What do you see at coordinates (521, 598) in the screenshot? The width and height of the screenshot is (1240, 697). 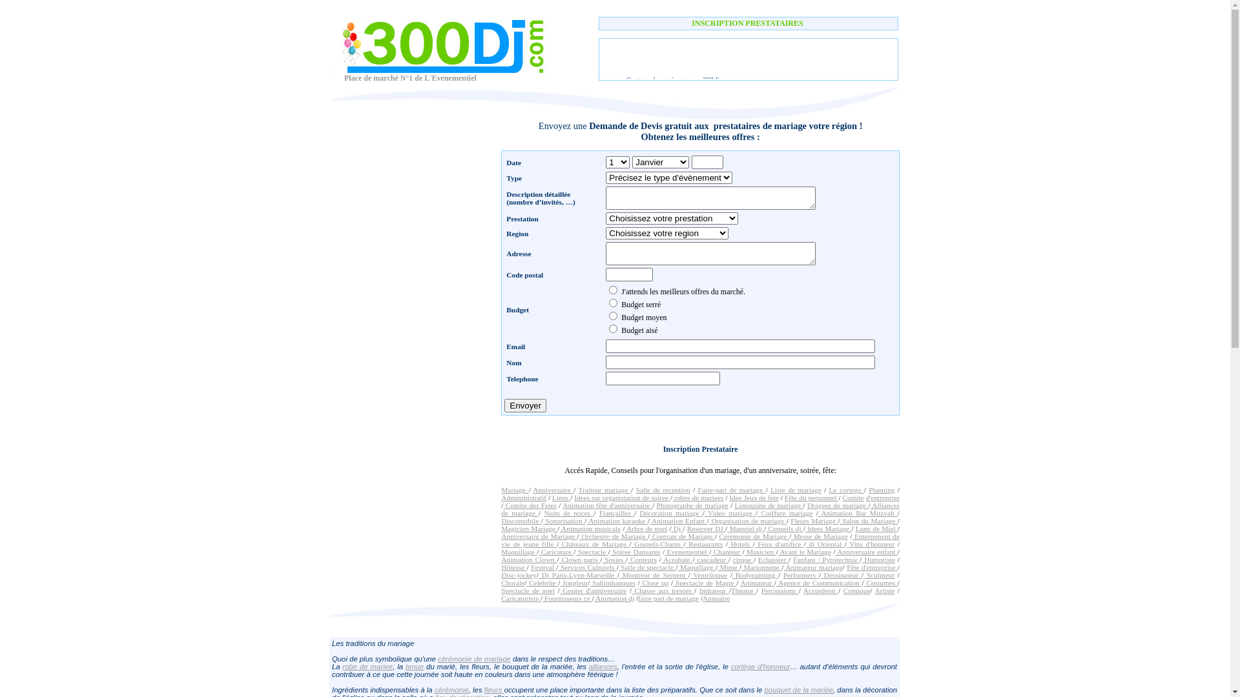 I see `'Caricaturiste'` at bounding box center [521, 598].